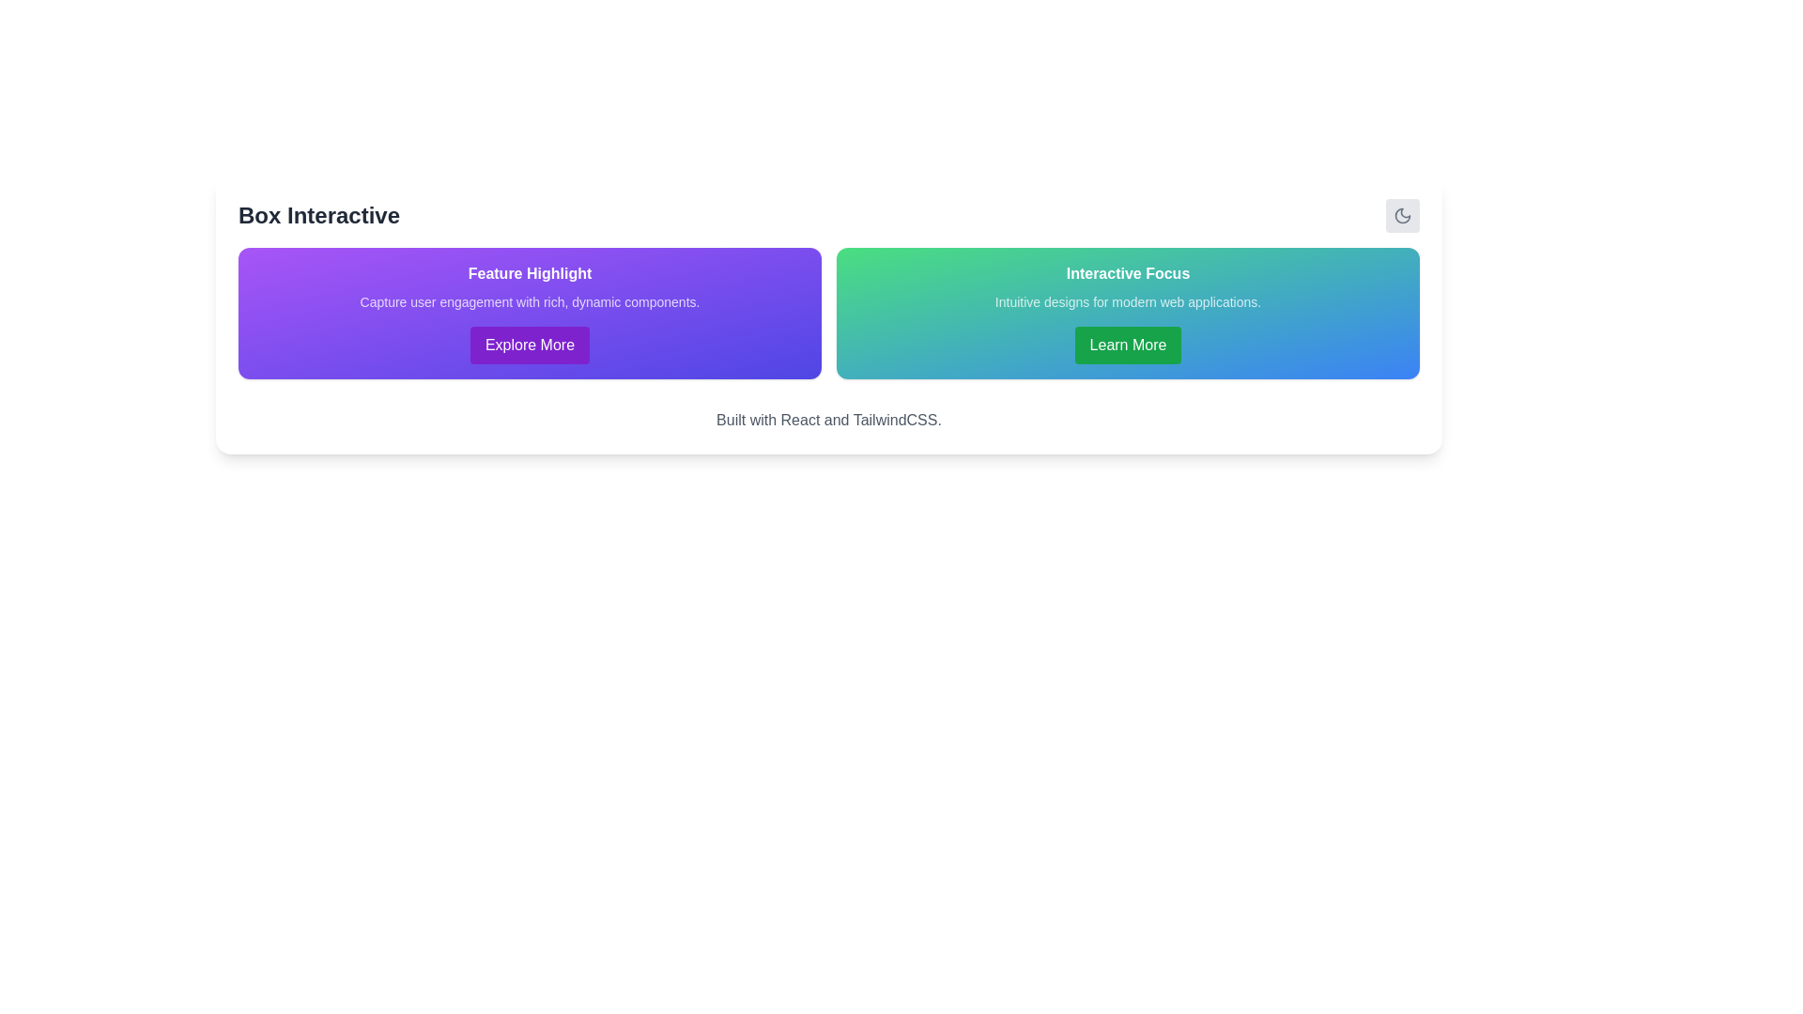  I want to click on the crescent moon icon, which is a simplistic and modern graphical element located in the upper-right corner of the interface within a card-like structure, so click(1402, 215).